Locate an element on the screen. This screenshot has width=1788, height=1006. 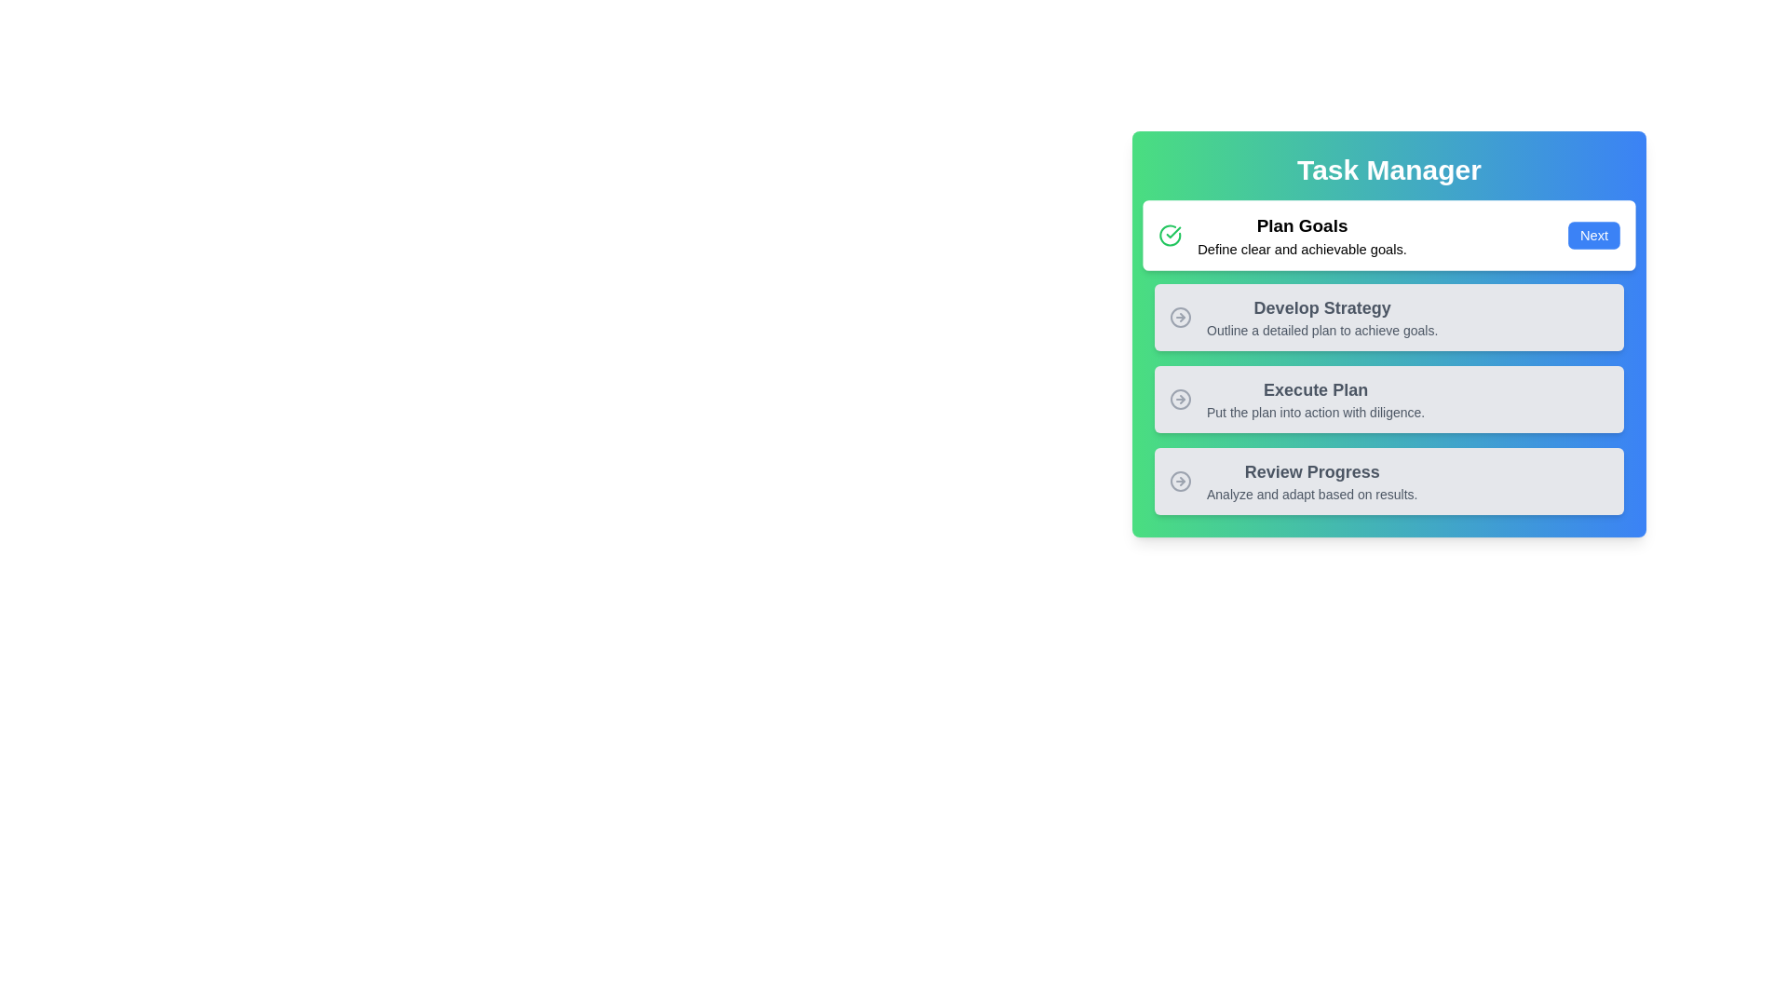
the circular arrow icon button located to the left of the 'Review Progress' text in the task list interface is located at coordinates (1179, 480).